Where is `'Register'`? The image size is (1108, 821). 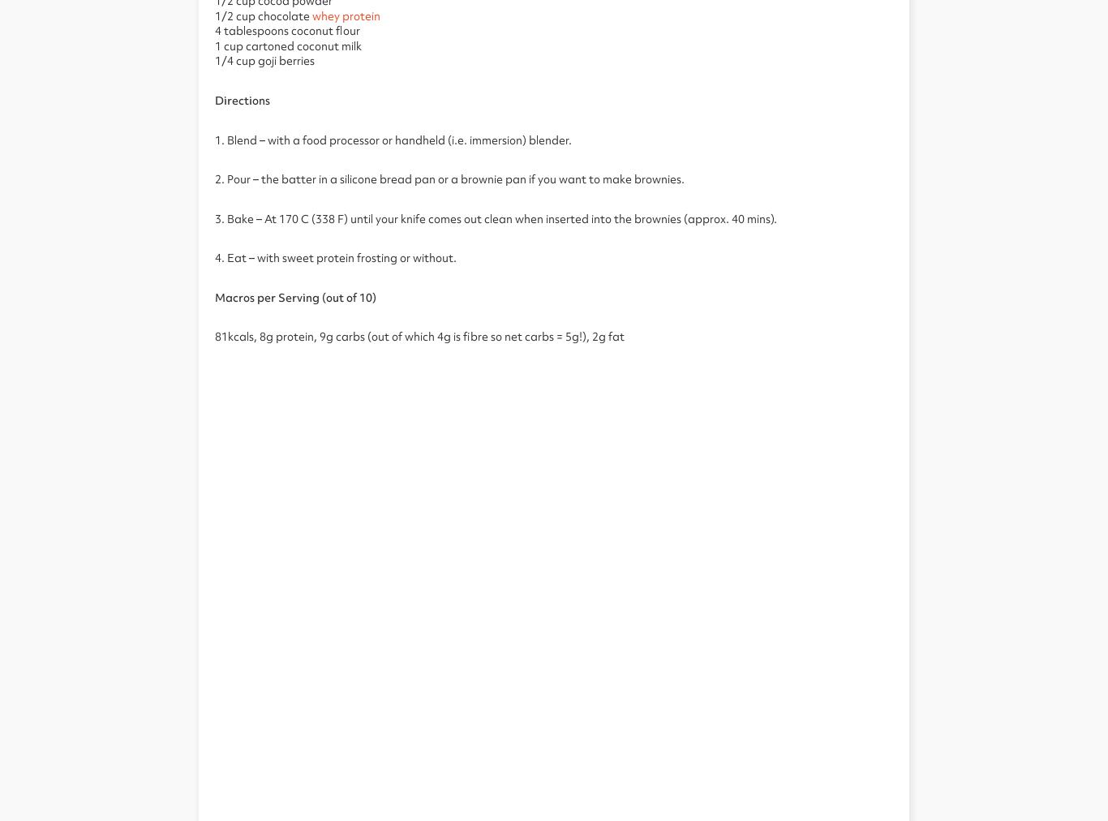
'Register' is located at coordinates (445, 84).